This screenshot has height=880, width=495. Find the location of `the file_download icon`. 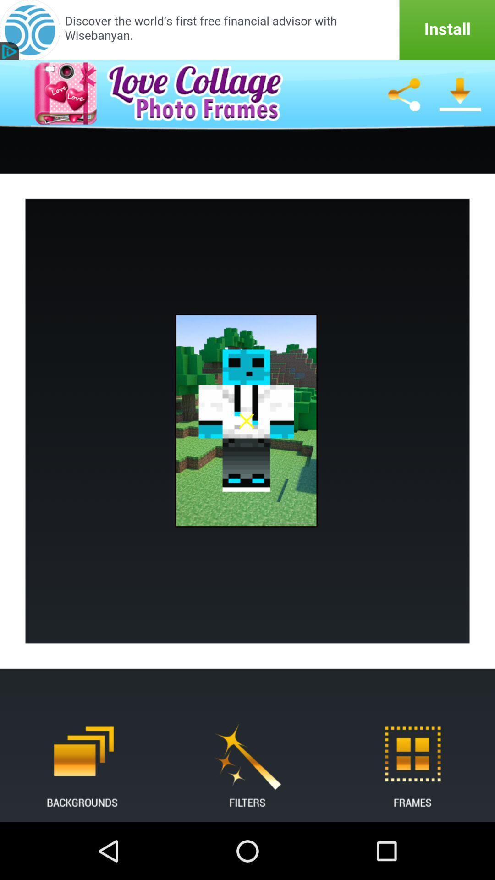

the file_download icon is located at coordinates (461, 101).